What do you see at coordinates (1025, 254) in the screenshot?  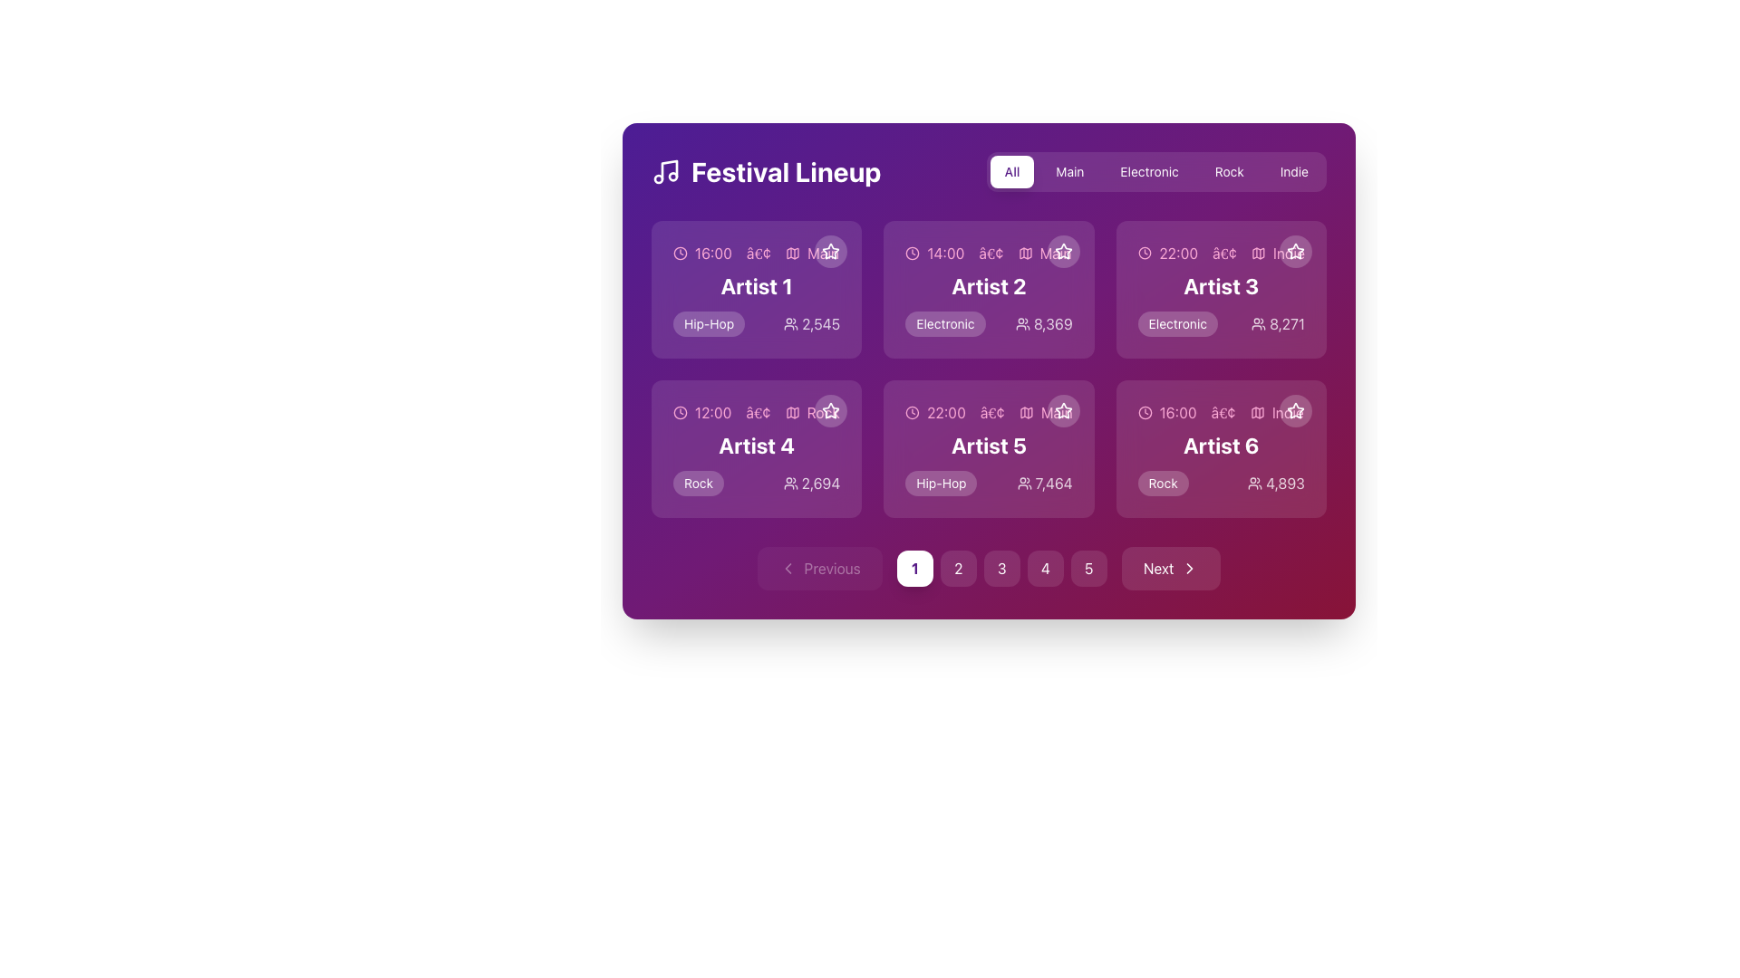 I see `the map-related icon located at the top-right of the card for Artist 2, which is part of a cluster of icons adjacent to the time and artist name` at bounding box center [1025, 254].